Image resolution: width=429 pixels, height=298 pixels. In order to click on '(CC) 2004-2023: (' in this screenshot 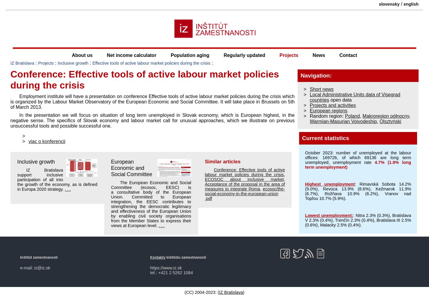, I will do `click(201, 292)`.